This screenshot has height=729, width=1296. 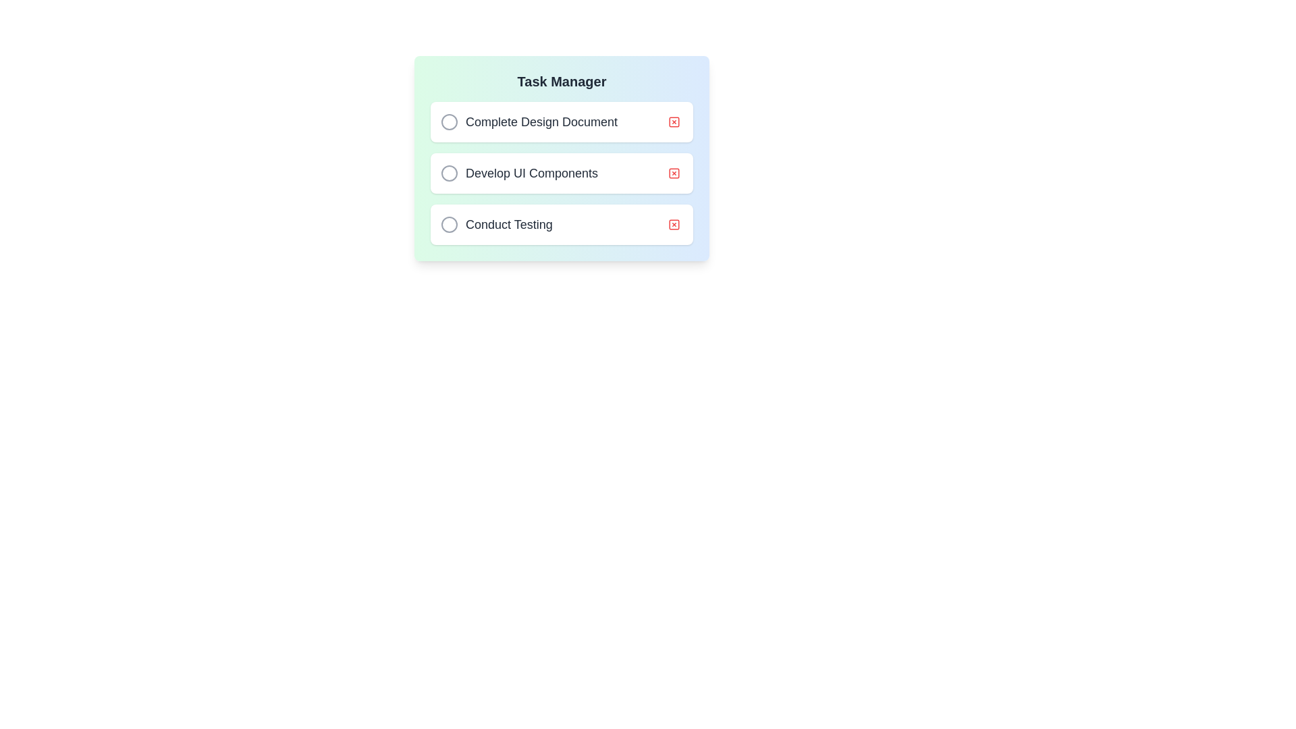 I want to click on the red square button with a white 'X' inside, so click(x=674, y=122).